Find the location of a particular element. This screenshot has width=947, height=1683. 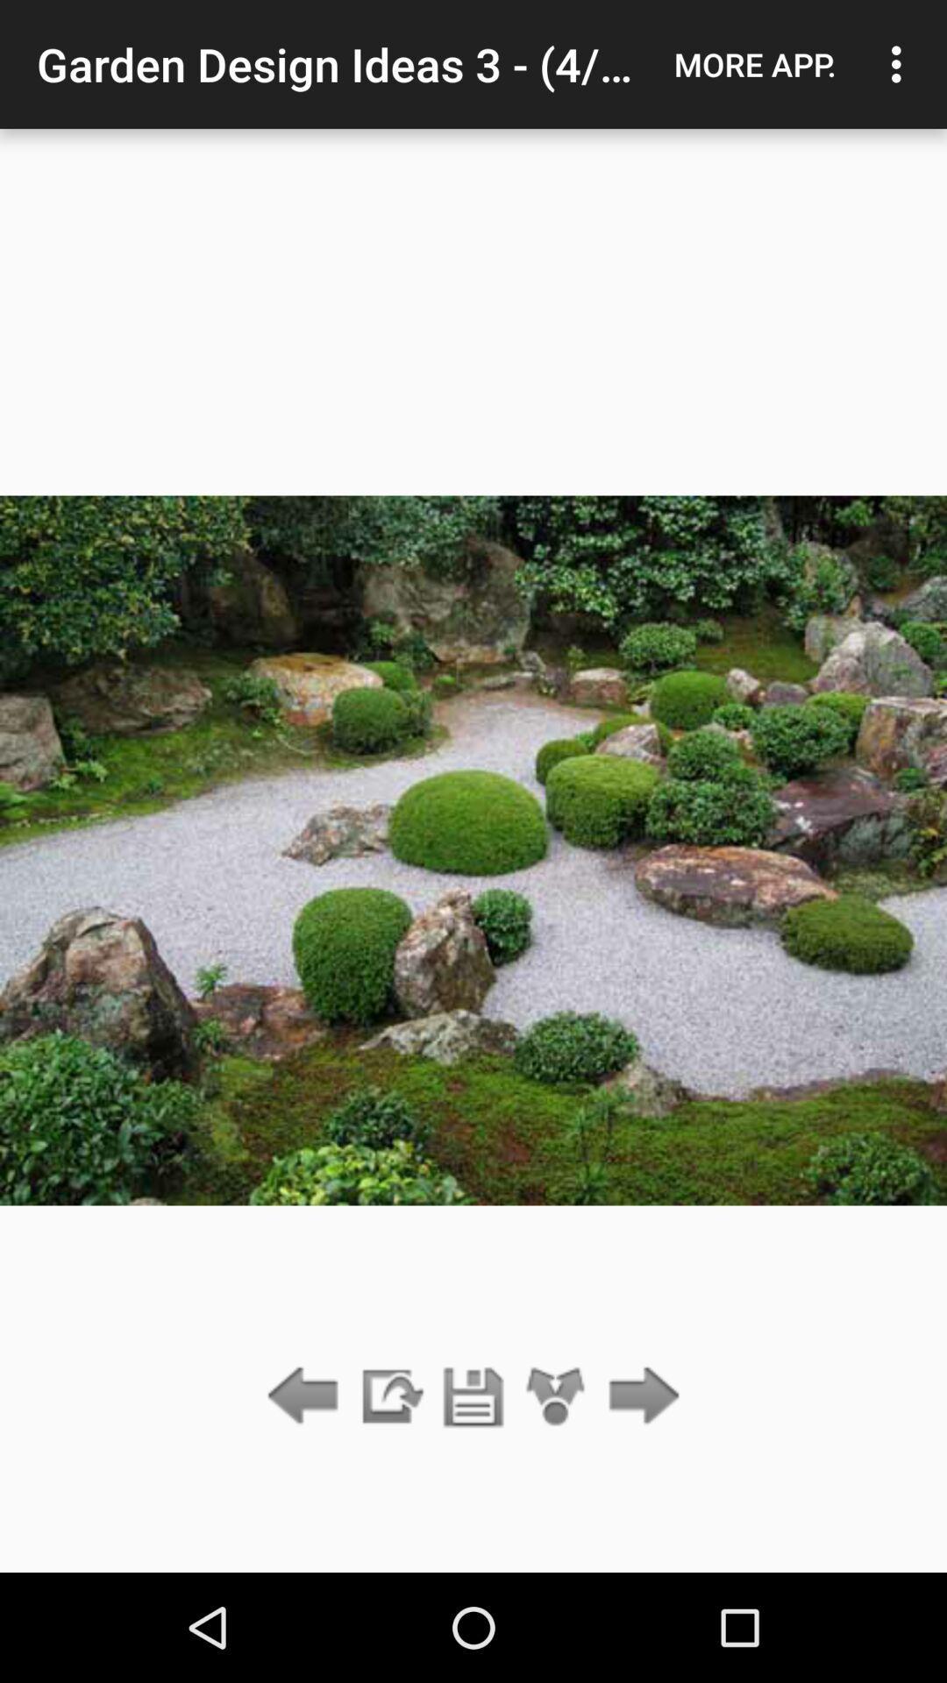

go slideshow is located at coordinates (389, 1396).